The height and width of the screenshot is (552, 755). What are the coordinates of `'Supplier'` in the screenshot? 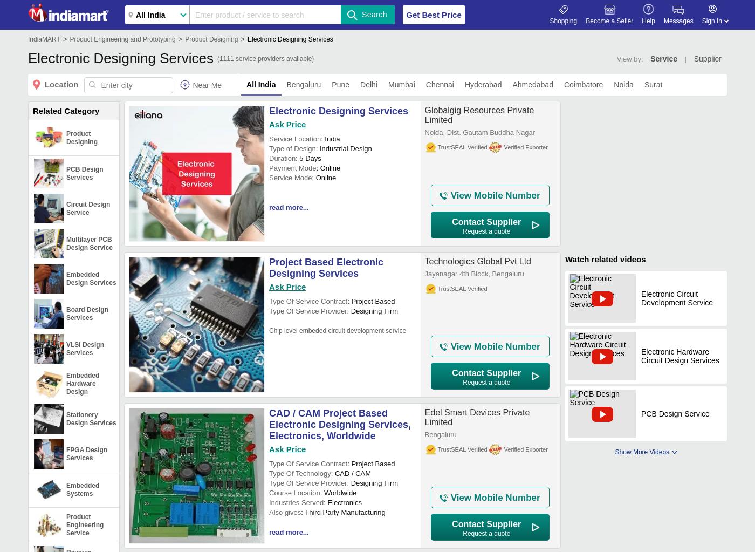 It's located at (707, 58).